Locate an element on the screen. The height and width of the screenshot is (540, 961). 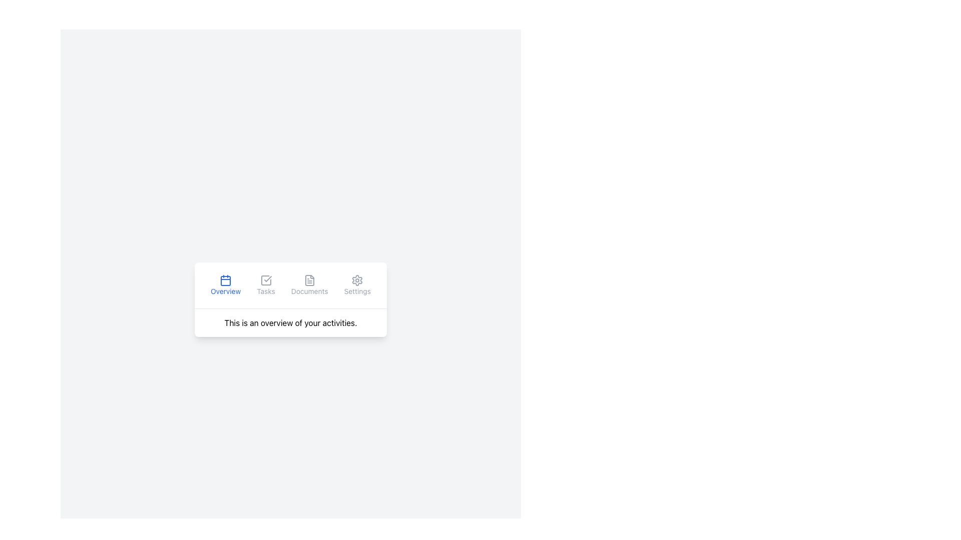
the settings button, which features a gray gear icon above the label 'Settings' is located at coordinates (357, 285).